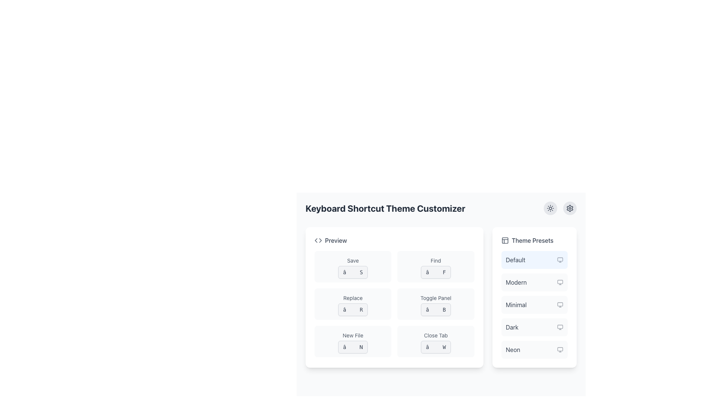 This screenshot has height=404, width=719. What do you see at coordinates (534, 349) in the screenshot?
I see `the selectable list item labeled 'NEON' in the 'Theme Presets' section` at bounding box center [534, 349].